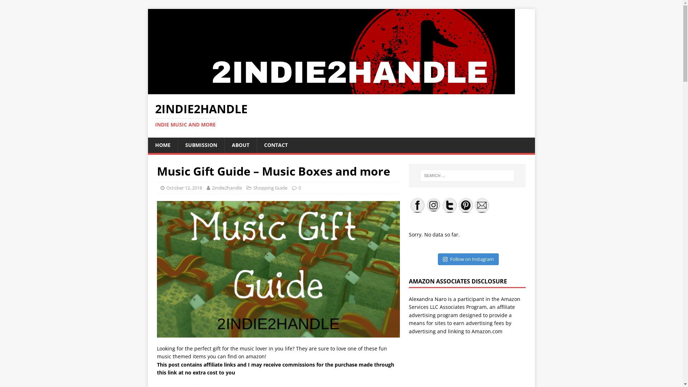 The image size is (688, 387). Describe the element at coordinates (459, 205) in the screenshot. I see `'Pinterest'` at that location.